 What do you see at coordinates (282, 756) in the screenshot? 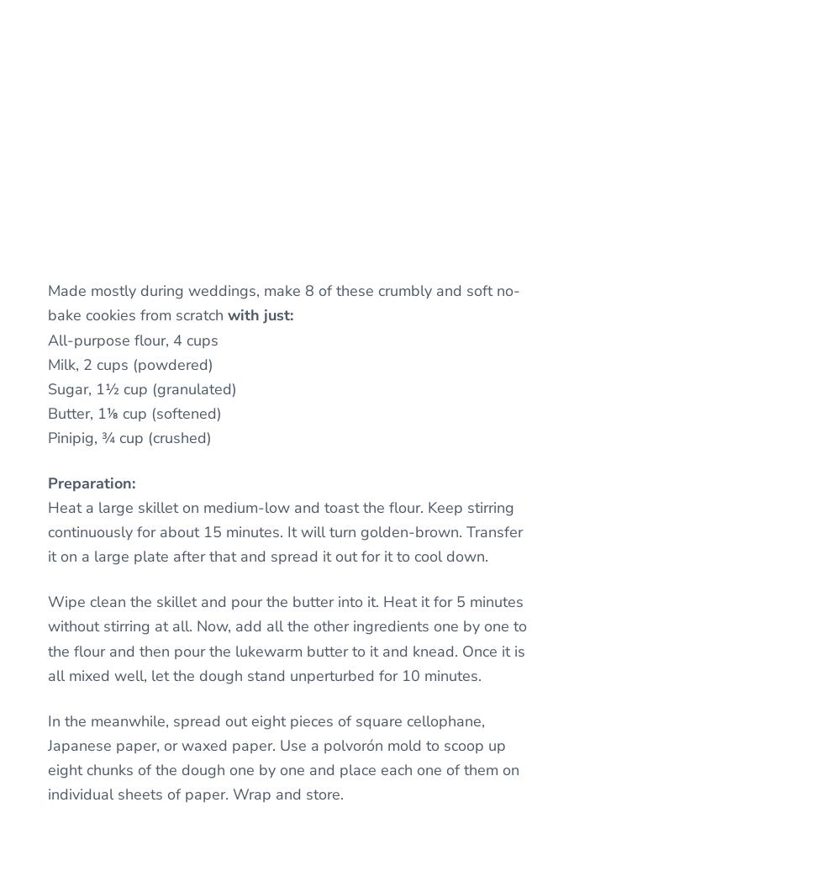
I see `'In the meanwhile, spread out eight pieces of square cellophane, Japanese paper, or waxed paper. Use a polvorón mold to scoop up eight chunks of the dough one by one and place each one of them on individual sheets of paper. Wrap and store.'` at bounding box center [282, 756].